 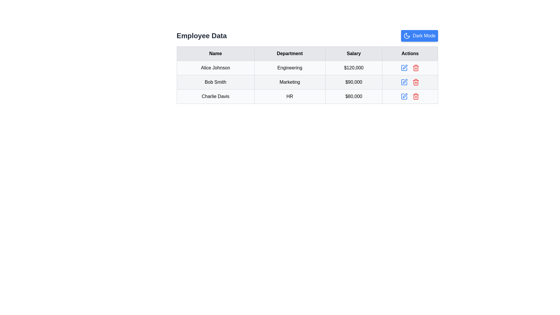 What do you see at coordinates (290, 82) in the screenshot?
I see `text displayed in the text cell of the table that shows 'Marketing' in the 'Department' column, located in the second row` at bounding box center [290, 82].